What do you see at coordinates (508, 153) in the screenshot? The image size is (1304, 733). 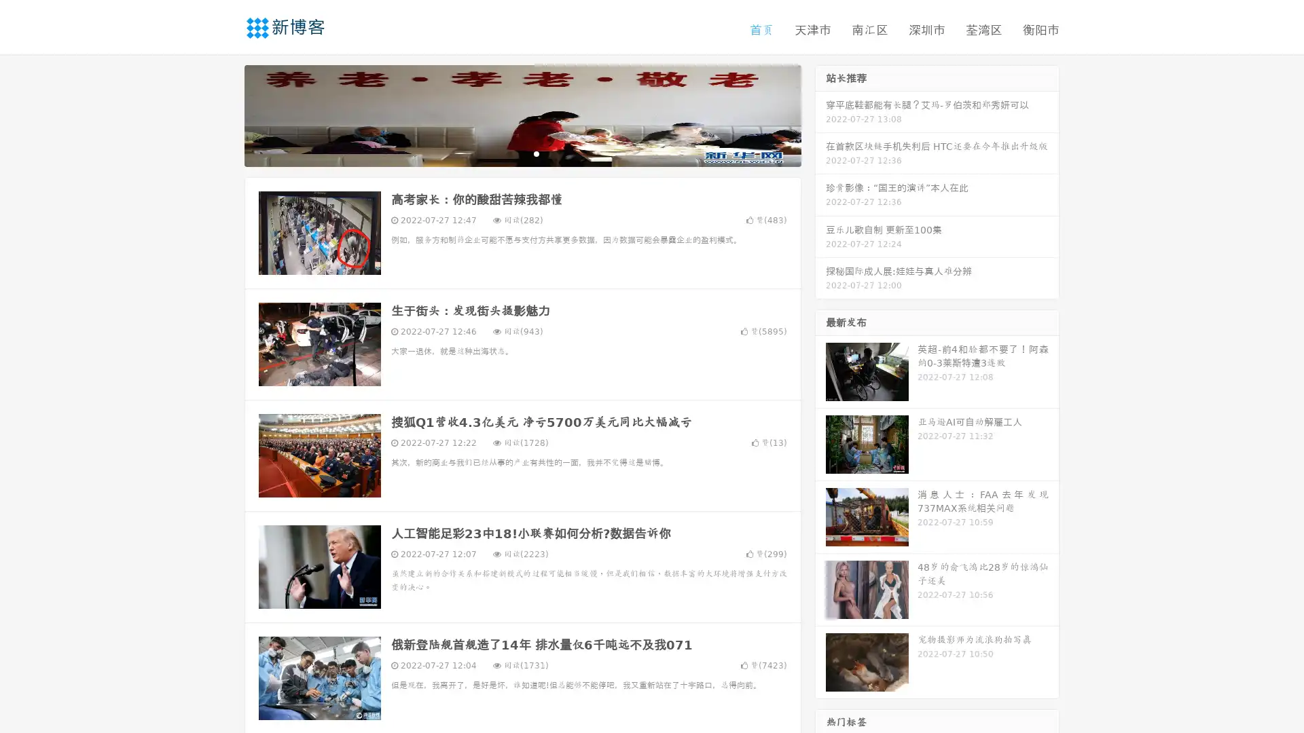 I see `Go to slide 1` at bounding box center [508, 153].